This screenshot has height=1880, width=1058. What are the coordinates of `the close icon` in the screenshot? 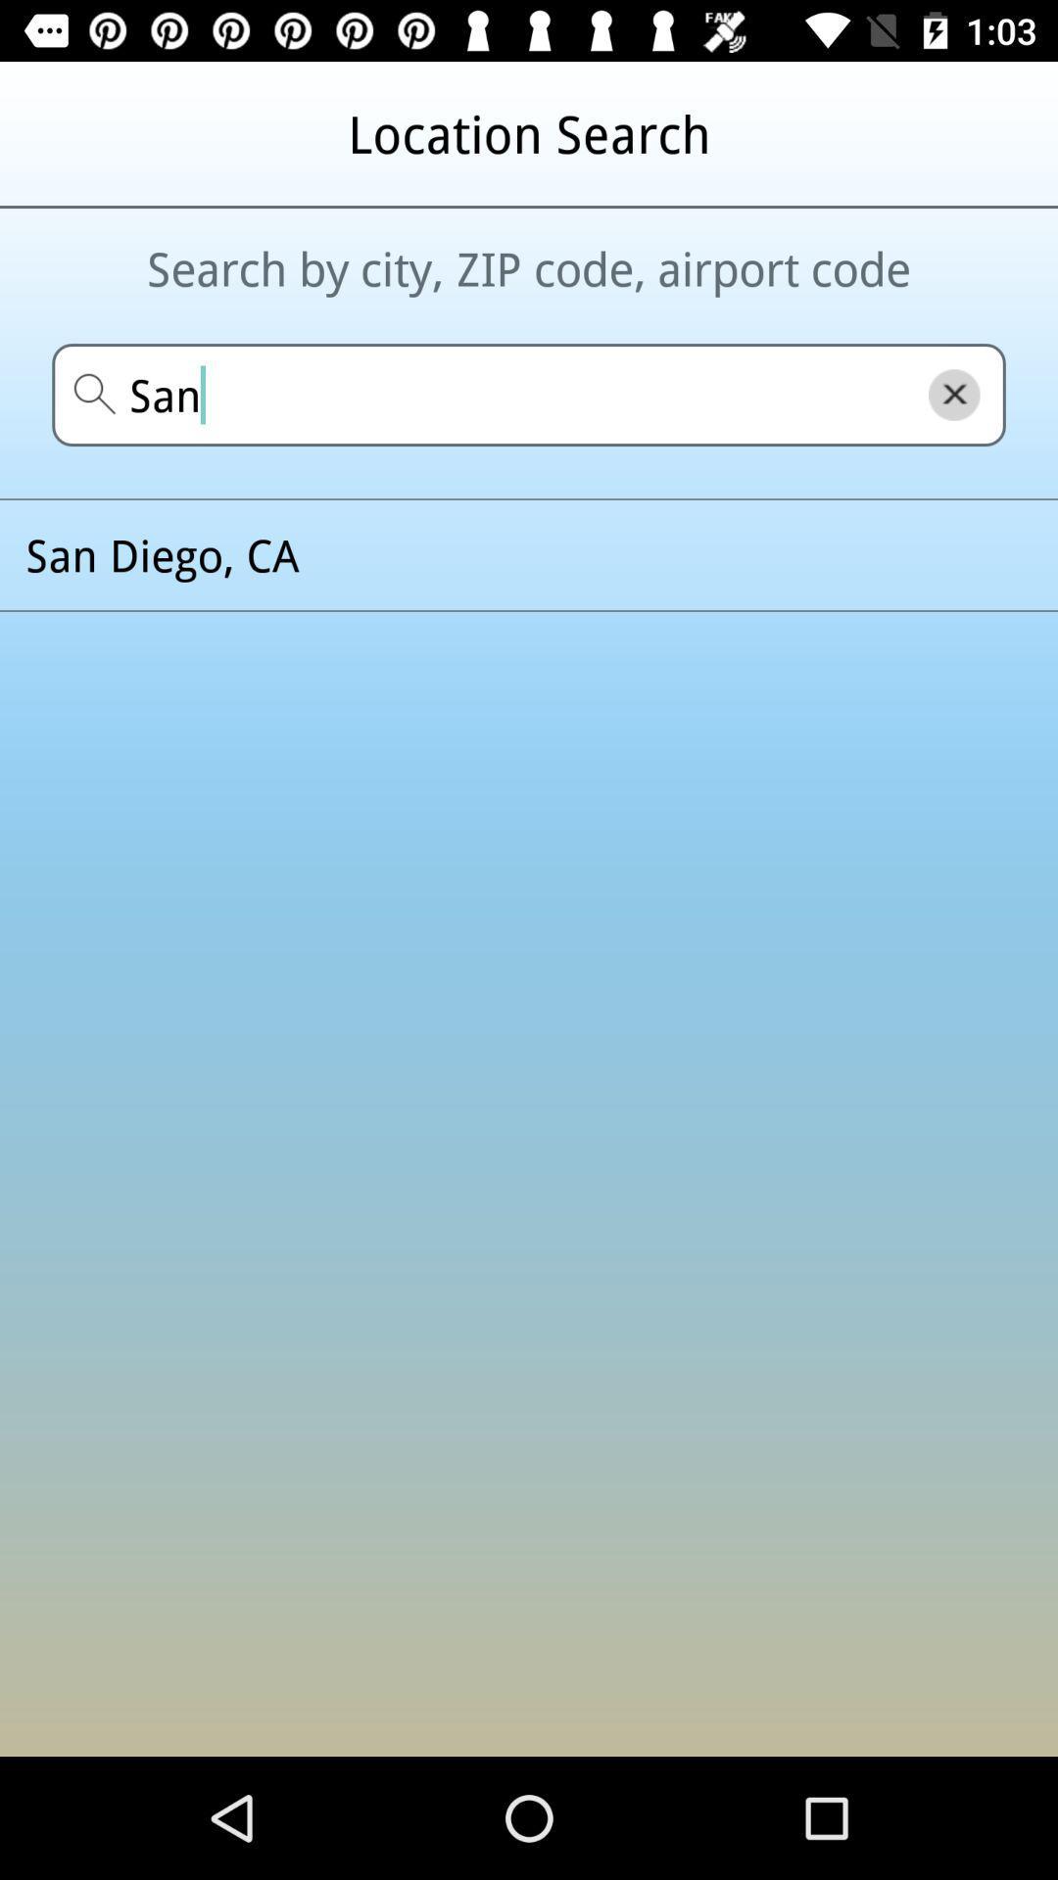 It's located at (953, 394).